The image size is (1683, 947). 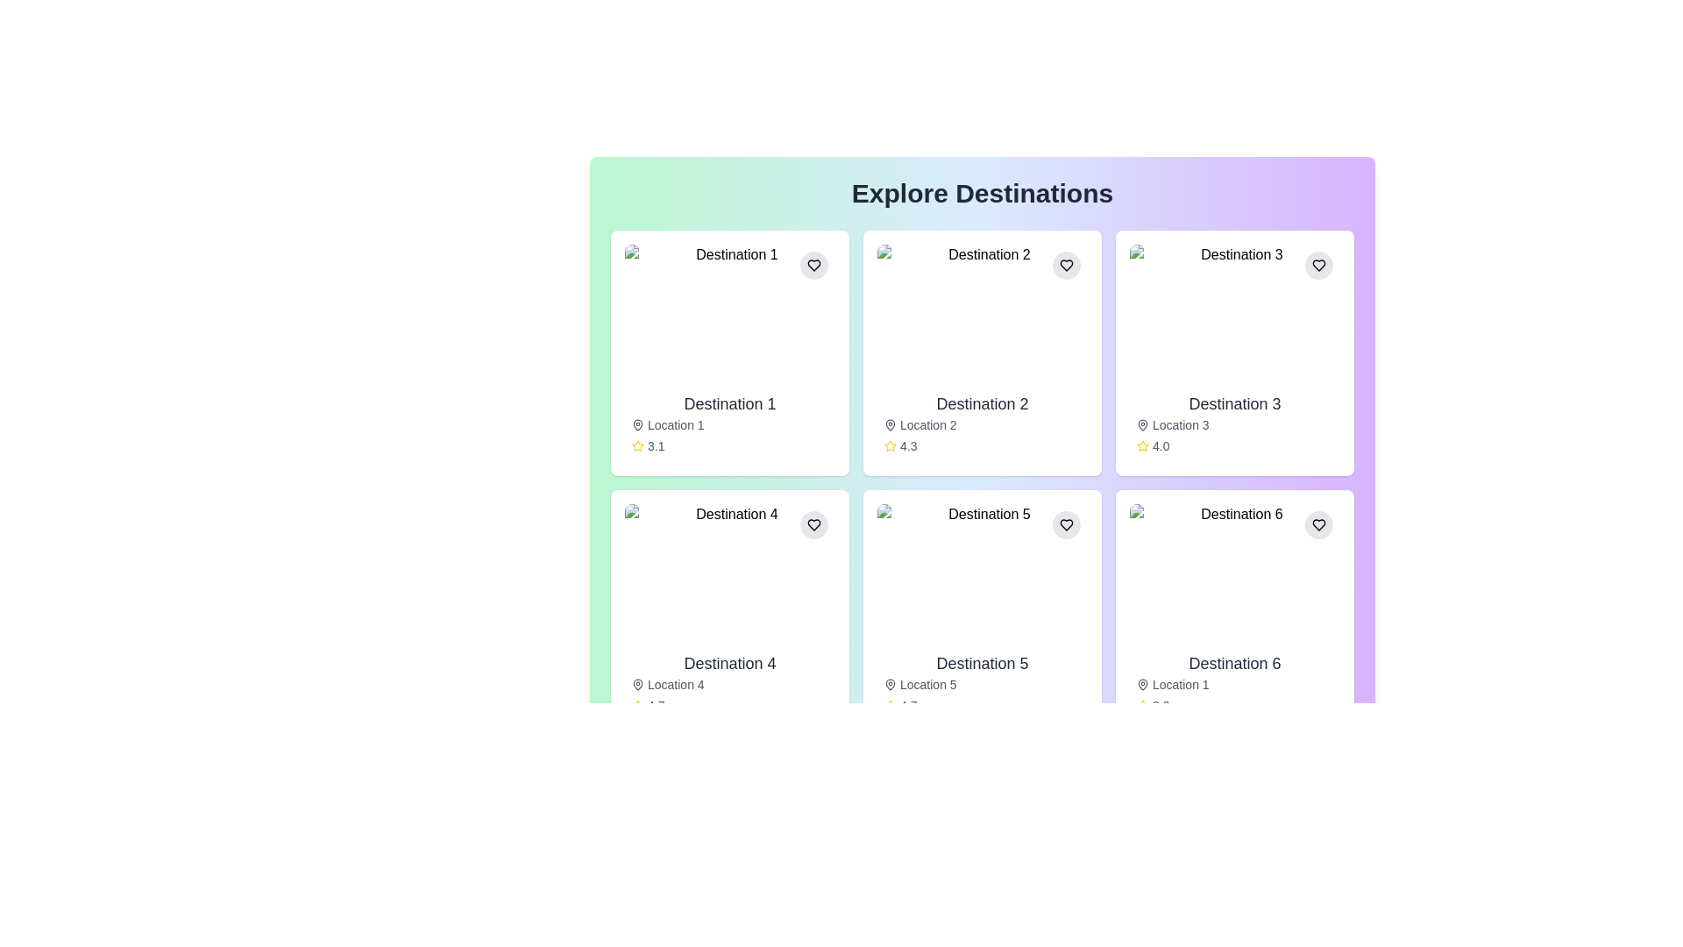 What do you see at coordinates (891, 682) in the screenshot?
I see `the map pin icon located in the lower left corner of the card 'Destination 5', beneath the title 'Location 5'` at bounding box center [891, 682].